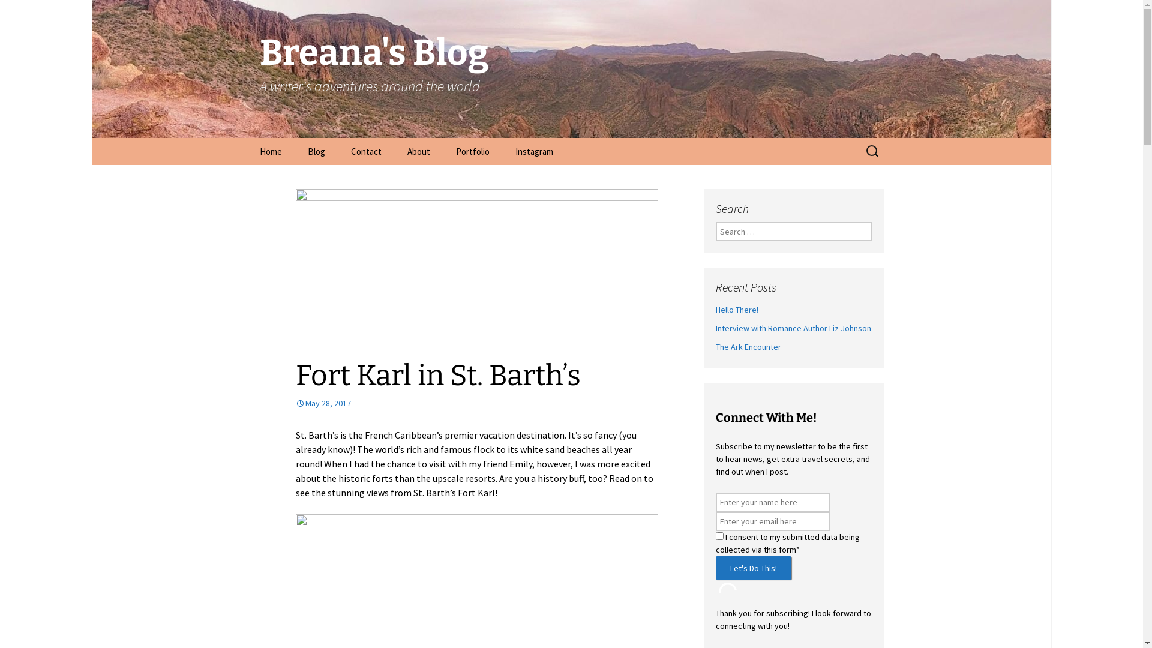 The width and height of the screenshot is (1152, 648). Describe the element at coordinates (772, 520) in the screenshot. I see `'Enter your email here'` at that location.